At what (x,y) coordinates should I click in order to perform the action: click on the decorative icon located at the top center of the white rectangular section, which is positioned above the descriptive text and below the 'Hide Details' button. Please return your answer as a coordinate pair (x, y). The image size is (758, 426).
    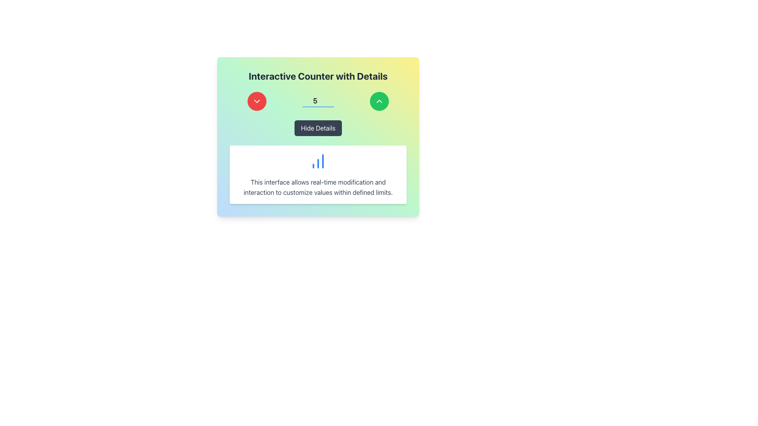
    Looking at the image, I should click on (318, 161).